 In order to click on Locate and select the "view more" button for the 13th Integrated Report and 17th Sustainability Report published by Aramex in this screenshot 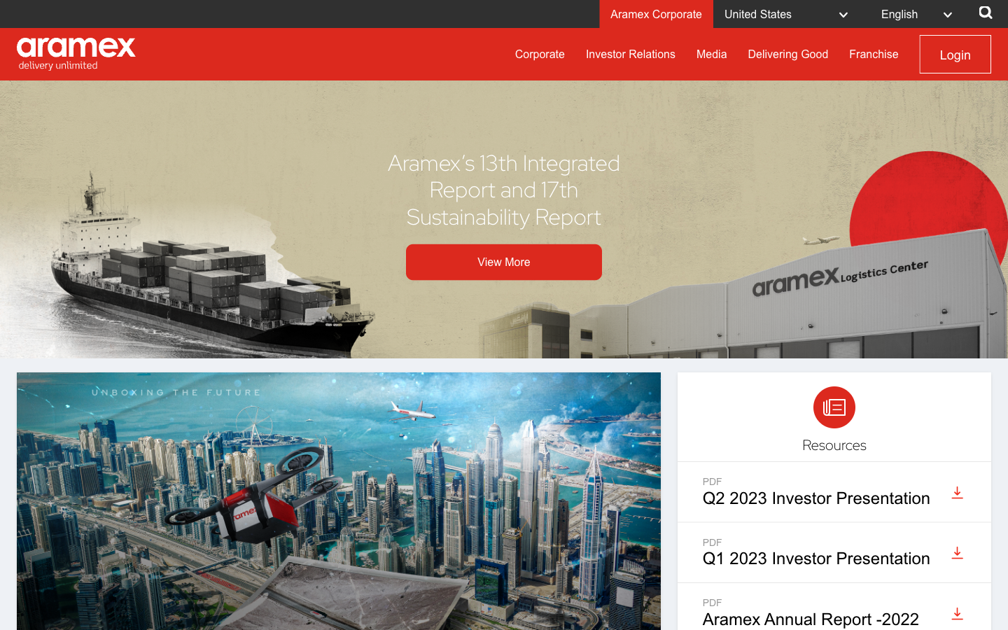, I will do `click(504, 262)`.